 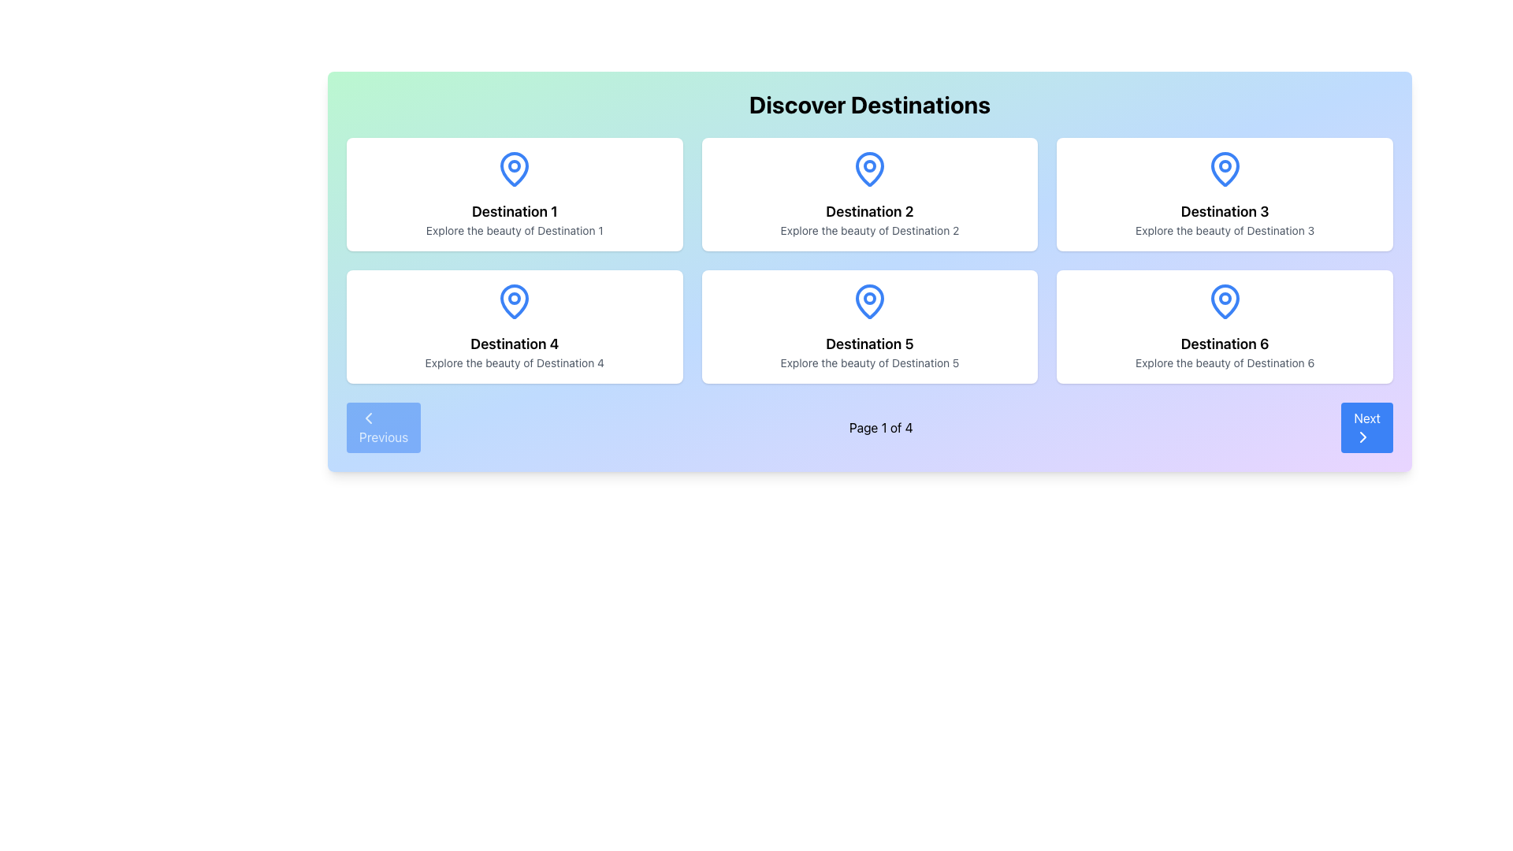 What do you see at coordinates (880, 428) in the screenshot?
I see `the Text Label indicating the current page number in the paginated interface, located at the bottom center between the 'Previous' and 'Next' buttons` at bounding box center [880, 428].